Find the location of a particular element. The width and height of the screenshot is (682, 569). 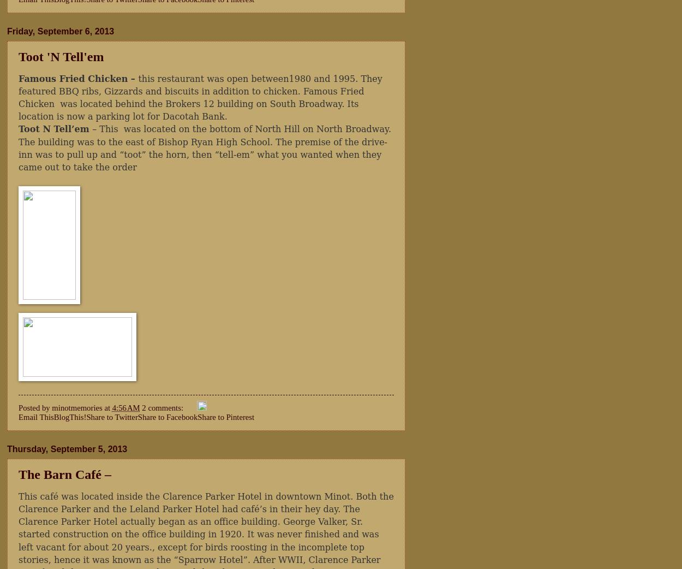

'this restaurant was open
between1980 and 1995. They featured BBQ ribs, Gizzards and biscuits in addition
to chicken. Famous Fried Chicken' is located at coordinates (200, 91).